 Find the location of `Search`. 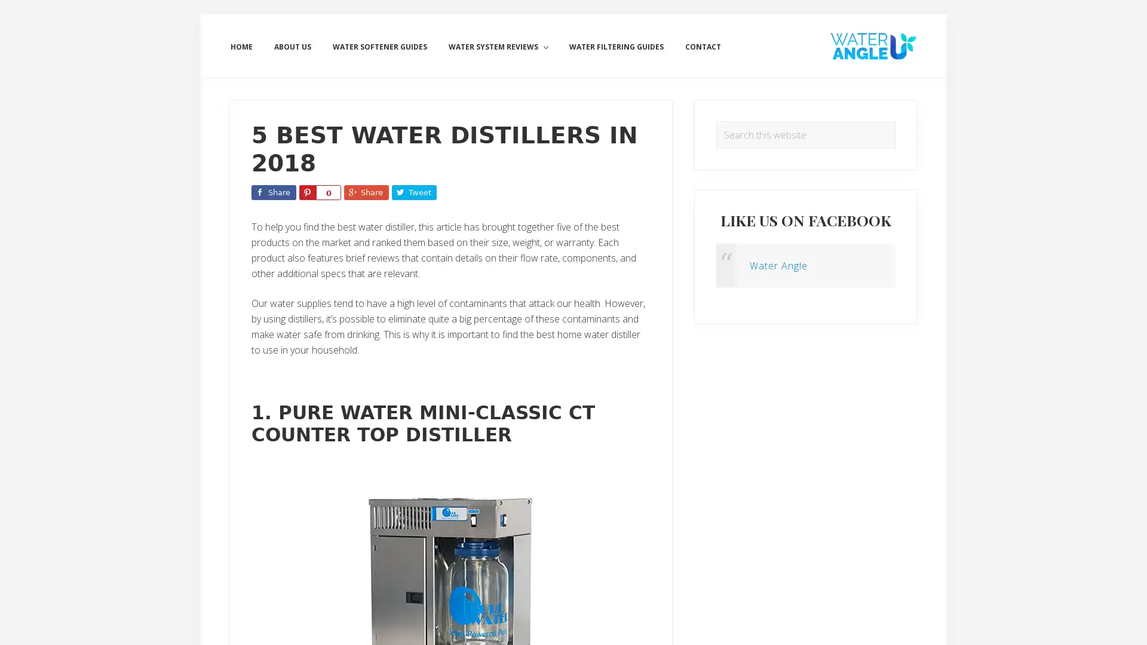

Search is located at coordinates (895, 121).